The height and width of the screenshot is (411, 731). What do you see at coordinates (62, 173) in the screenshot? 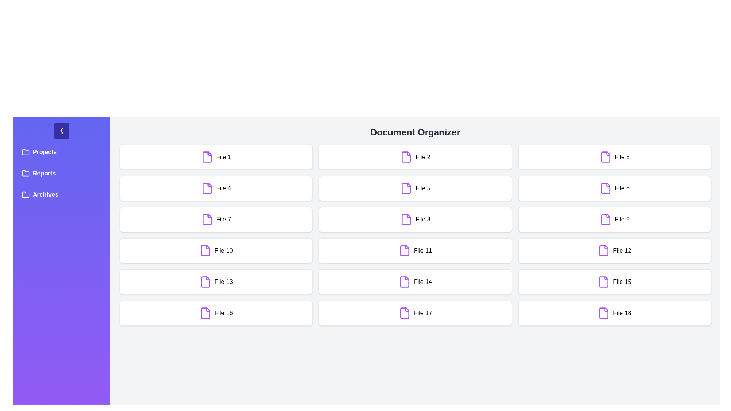
I see `the folder labeled Reports in the sidebar to open it` at bounding box center [62, 173].